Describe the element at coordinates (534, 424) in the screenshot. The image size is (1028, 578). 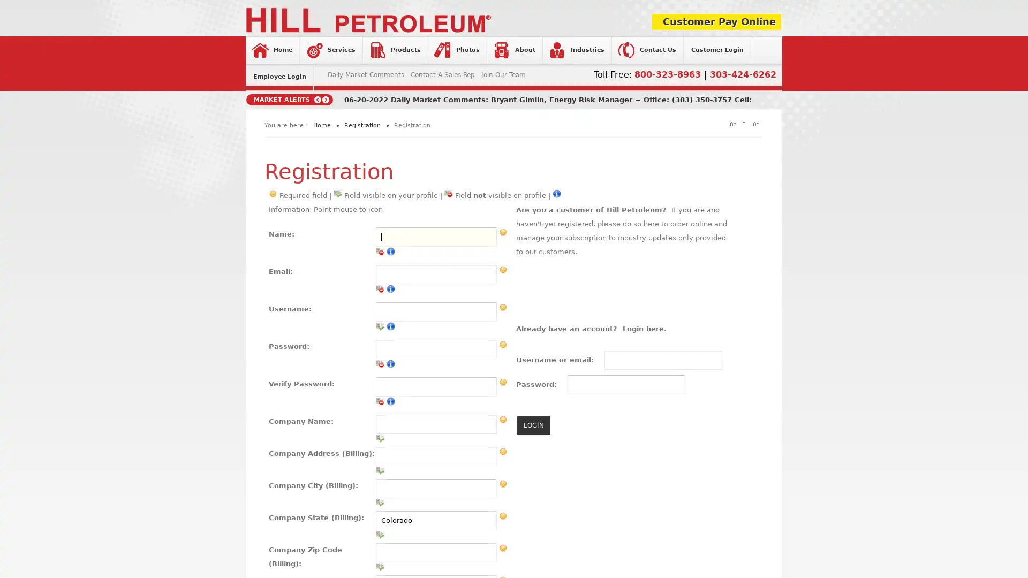
I see `Login` at that location.